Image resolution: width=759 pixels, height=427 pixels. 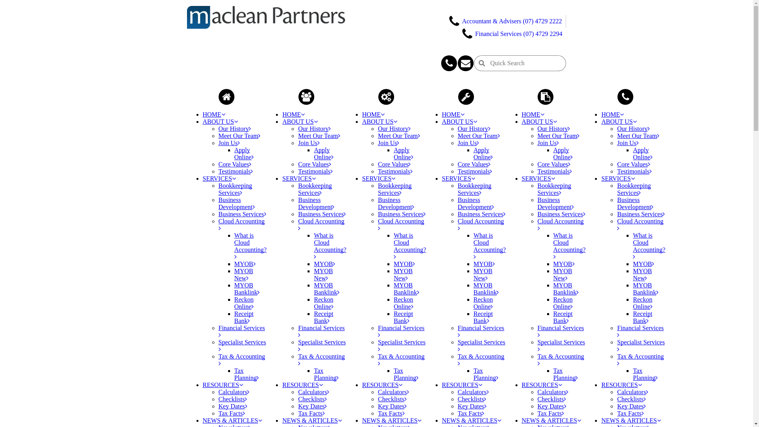 I want to click on 'Business Services', so click(x=322, y=214).